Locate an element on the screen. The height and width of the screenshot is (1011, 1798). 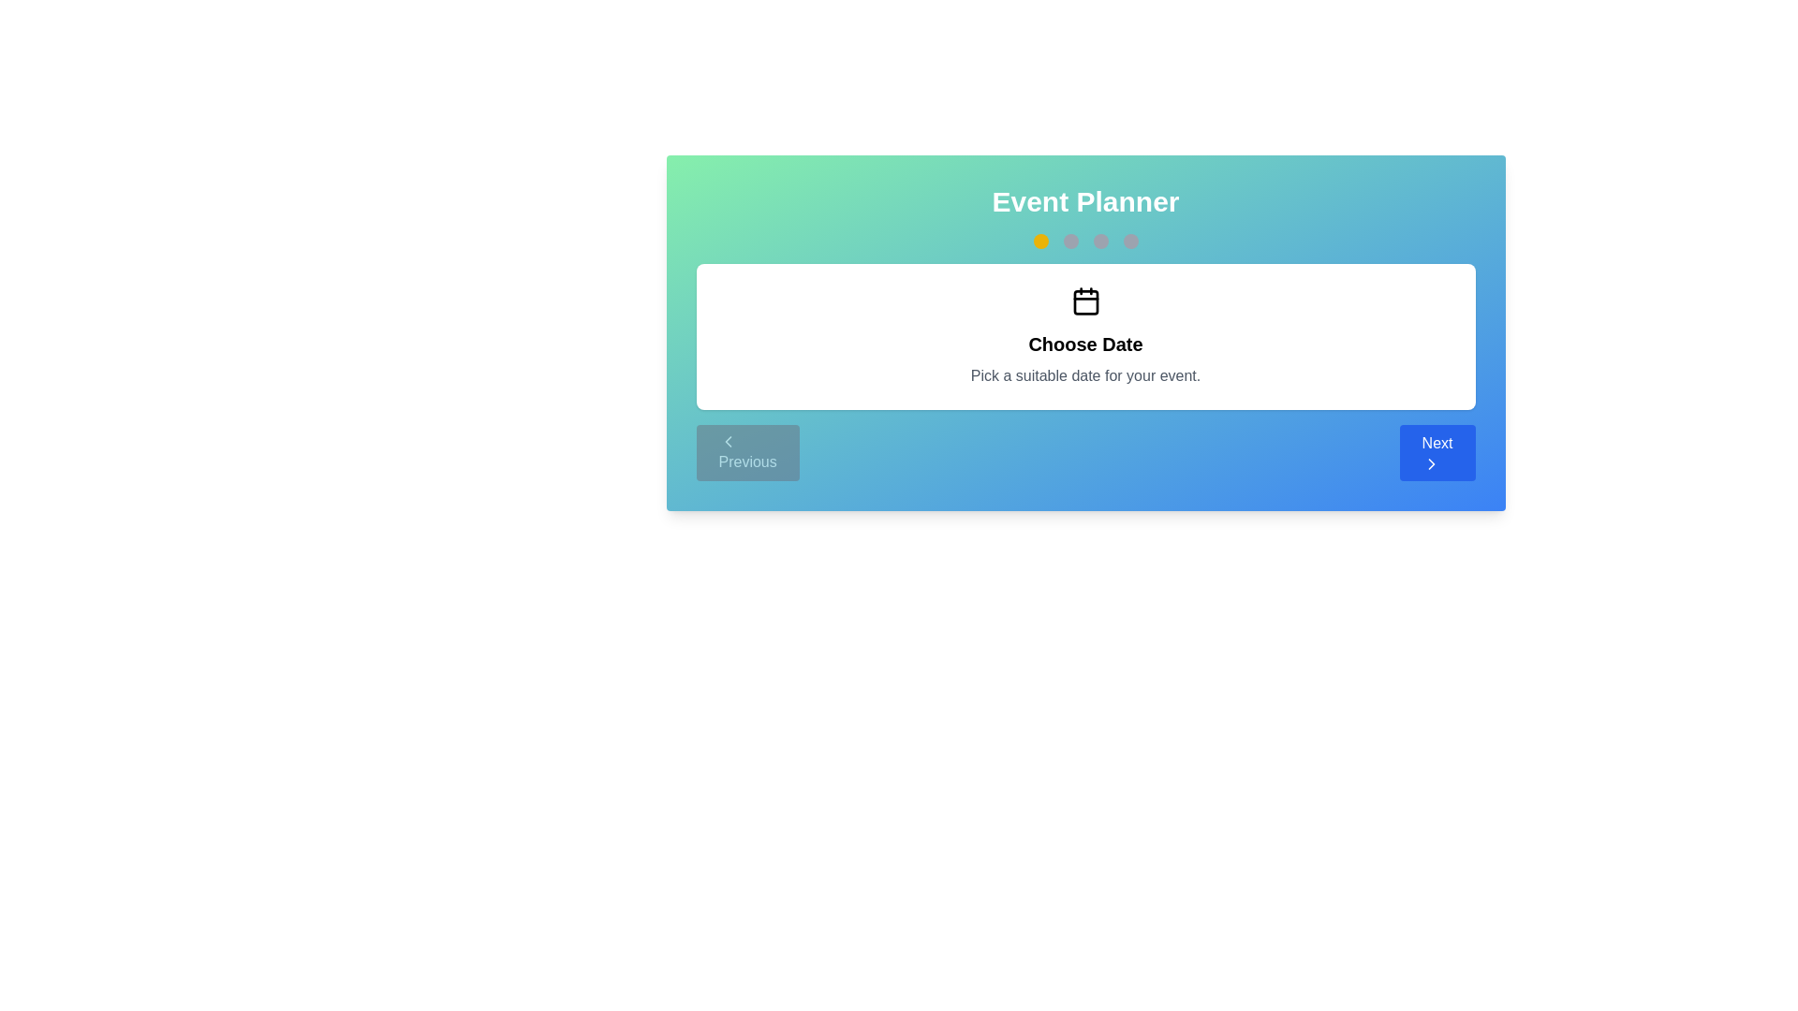
the text 'Choose Date' and copy it to the clipboard is located at coordinates (1085, 344).